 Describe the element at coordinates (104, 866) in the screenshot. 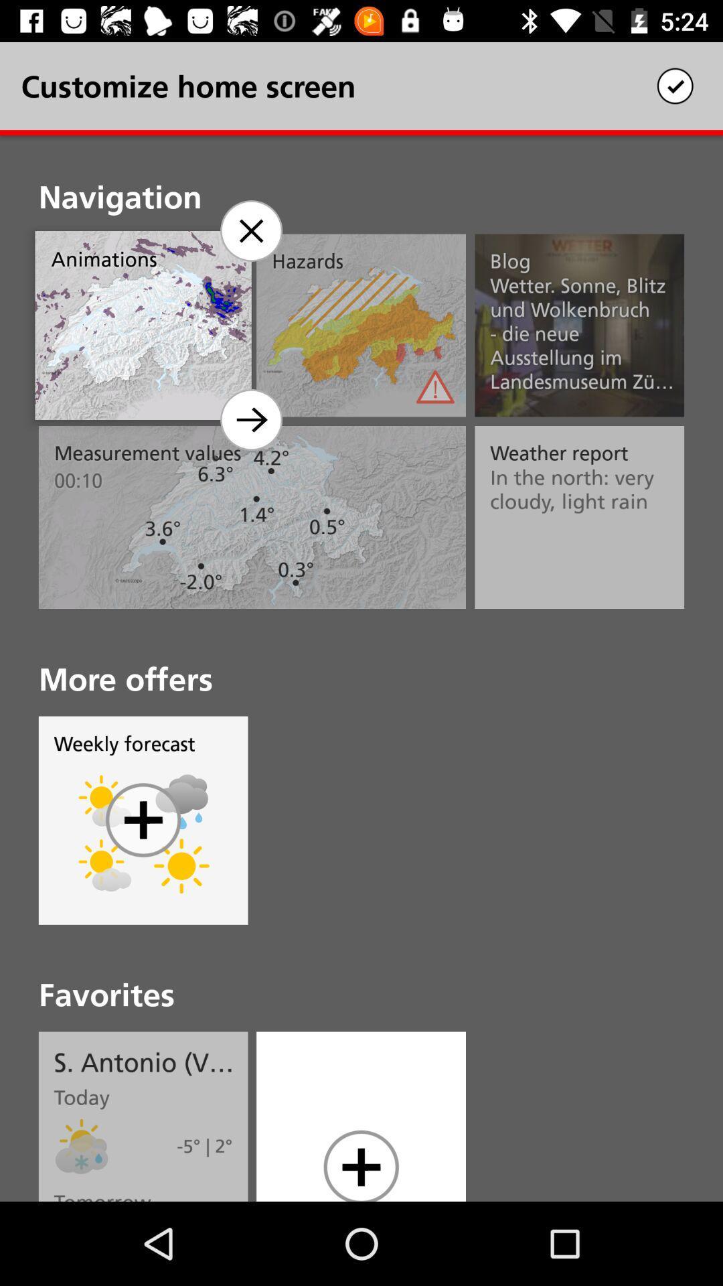

I see `the image below the  button on the web page` at that location.